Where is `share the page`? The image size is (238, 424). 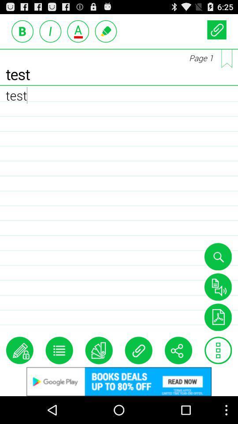
share the page is located at coordinates (178, 350).